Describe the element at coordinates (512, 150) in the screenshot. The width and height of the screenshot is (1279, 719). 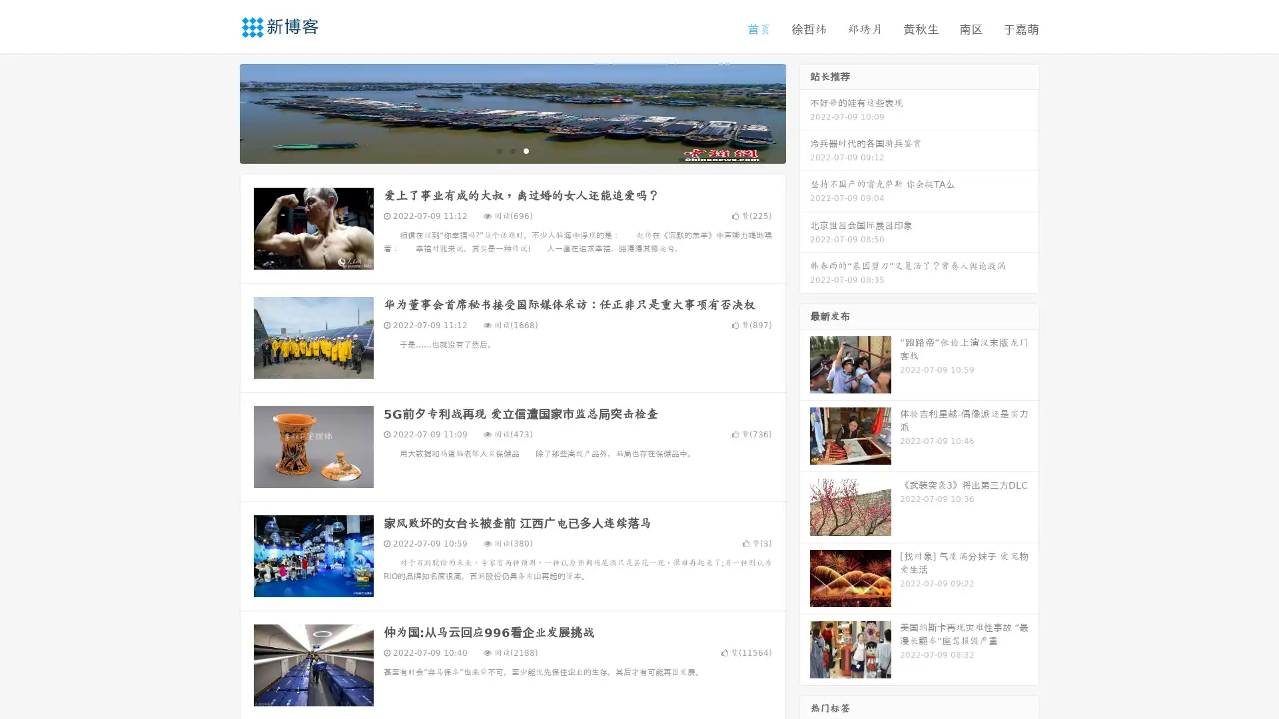
I see `Go to slide 2` at that location.